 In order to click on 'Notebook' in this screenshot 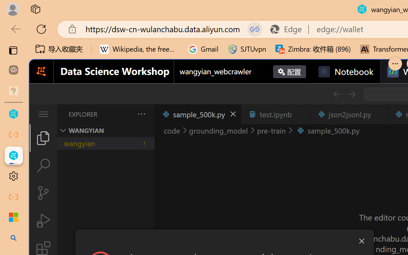, I will do `click(345, 72)`.